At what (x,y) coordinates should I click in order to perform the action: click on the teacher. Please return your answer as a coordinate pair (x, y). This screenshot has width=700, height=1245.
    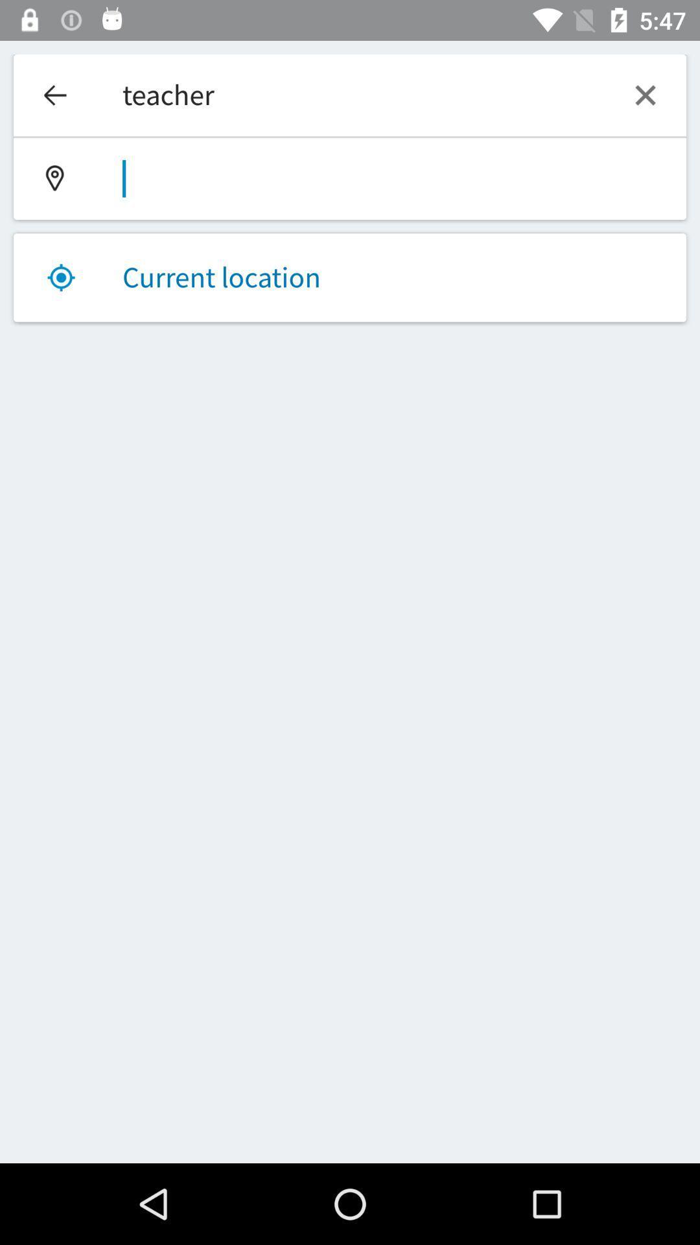
    Looking at the image, I should click on (350, 95).